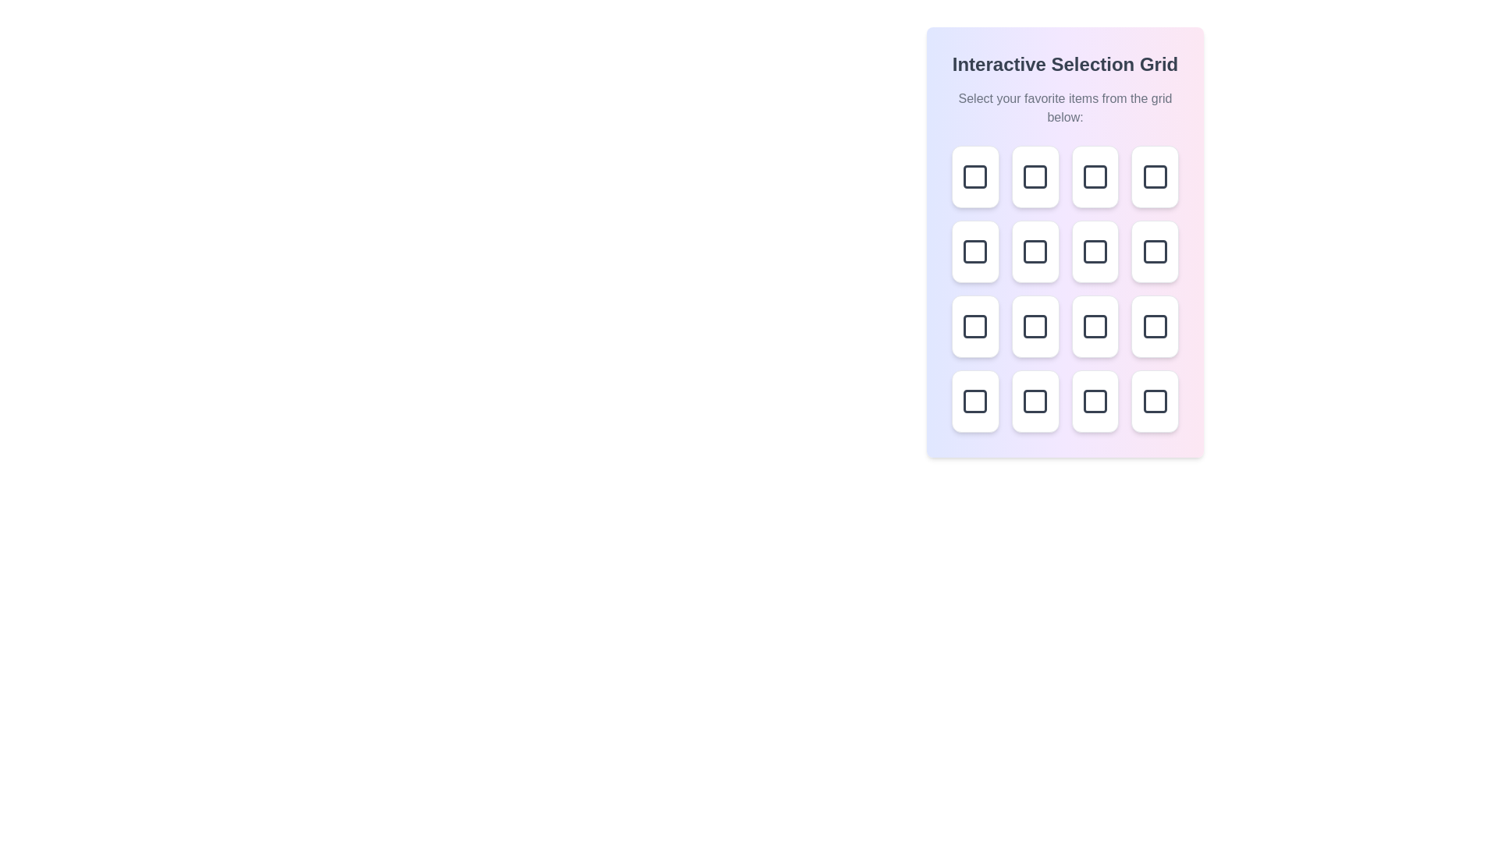 Image resolution: width=1498 pixels, height=842 pixels. What do you see at coordinates (1094, 401) in the screenshot?
I see `the inner square of the fifth item in the fourth row of the 'Interactive Selection Grid' by clicking on it` at bounding box center [1094, 401].